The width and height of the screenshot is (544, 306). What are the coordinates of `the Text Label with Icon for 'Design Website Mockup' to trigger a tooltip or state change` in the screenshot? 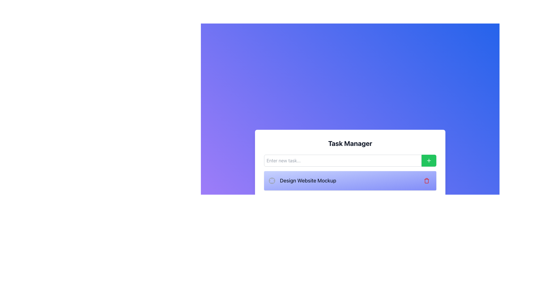 It's located at (302, 180).